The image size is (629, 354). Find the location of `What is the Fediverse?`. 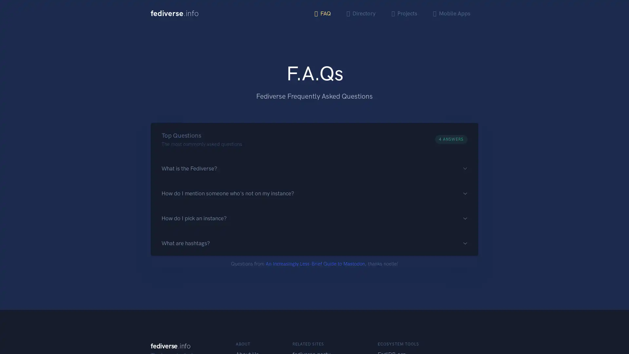

What is the Fediverse? is located at coordinates (314, 168).